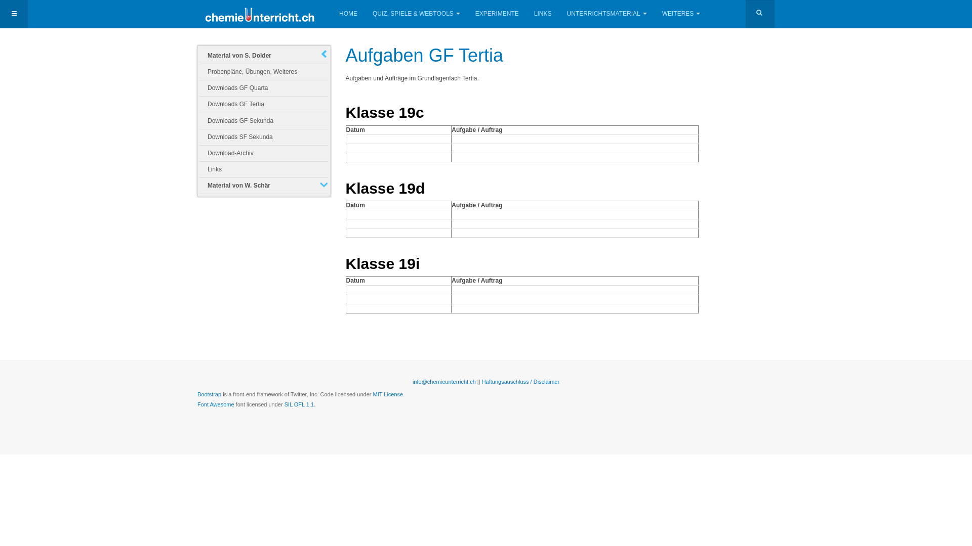 This screenshot has width=972, height=546. What do you see at coordinates (264, 104) in the screenshot?
I see `'Downloads GF Tertia'` at bounding box center [264, 104].